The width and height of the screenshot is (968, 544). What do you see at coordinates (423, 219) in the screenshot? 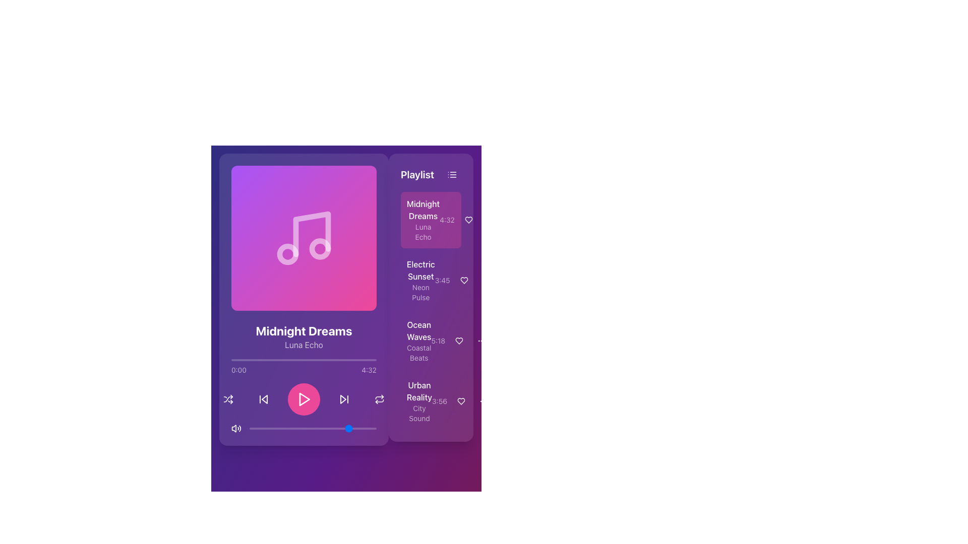
I see `text content of the display label indicating the track title 'Midnight Dreams' and details 'Luna Echo', located in the right sidebar at the top of the playlist section` at bounding box center [423, 219].